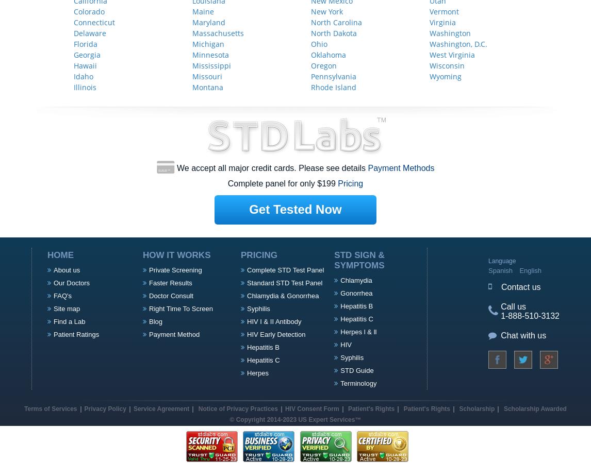 This screenshot has width=591, height=463. Describe the element at coordinates (452, 54) in the screenshot. I see `'West Virginia'` at that location.